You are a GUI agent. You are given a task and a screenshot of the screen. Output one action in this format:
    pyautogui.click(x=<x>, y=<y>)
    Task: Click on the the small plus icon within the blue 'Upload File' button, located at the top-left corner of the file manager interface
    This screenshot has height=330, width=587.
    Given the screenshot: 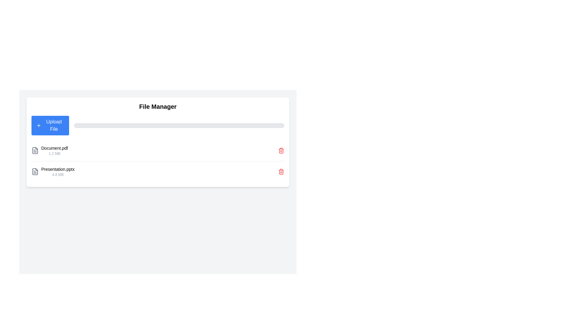 What is the action you would take?
    pyautogui.click(x=39, y=125)
    